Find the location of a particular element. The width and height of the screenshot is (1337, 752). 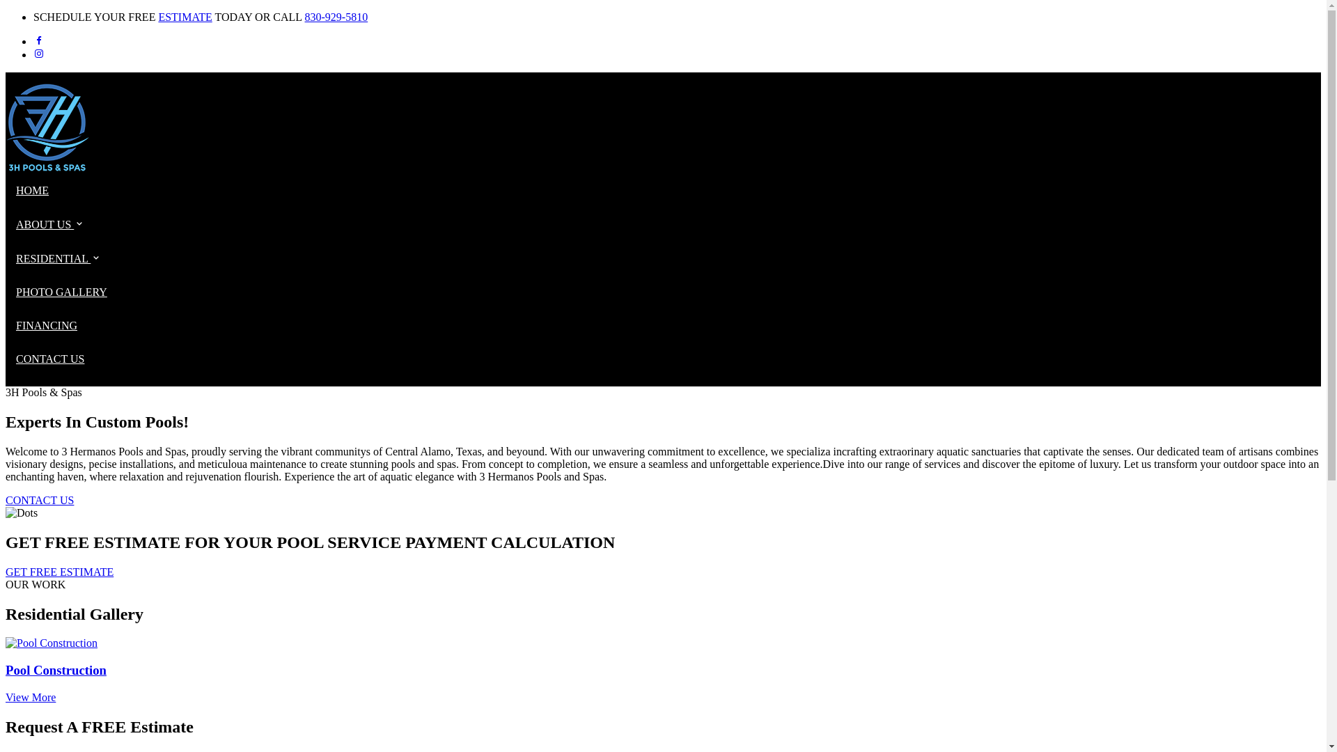

'View More' is located at coordinates (30, 697).